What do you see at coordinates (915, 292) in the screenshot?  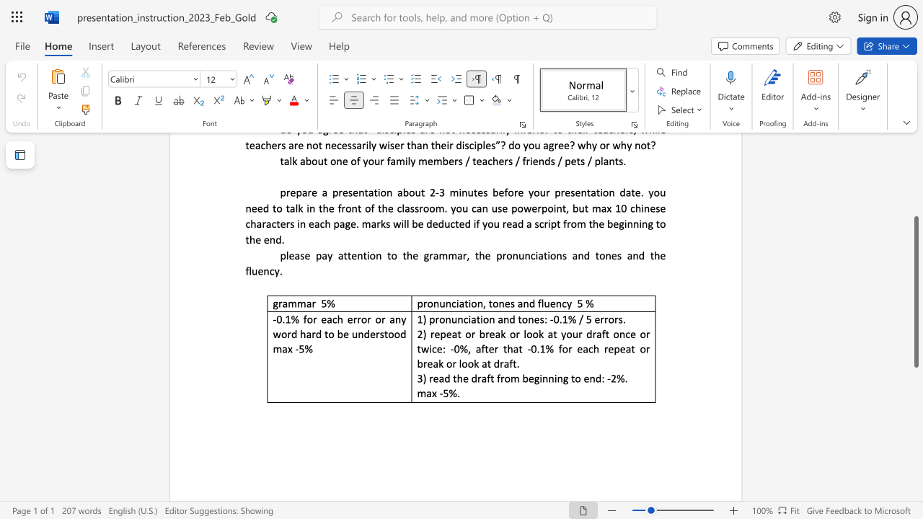 I see `the scrollbar and move up 110 pixels` at bounding box center [915, 292].